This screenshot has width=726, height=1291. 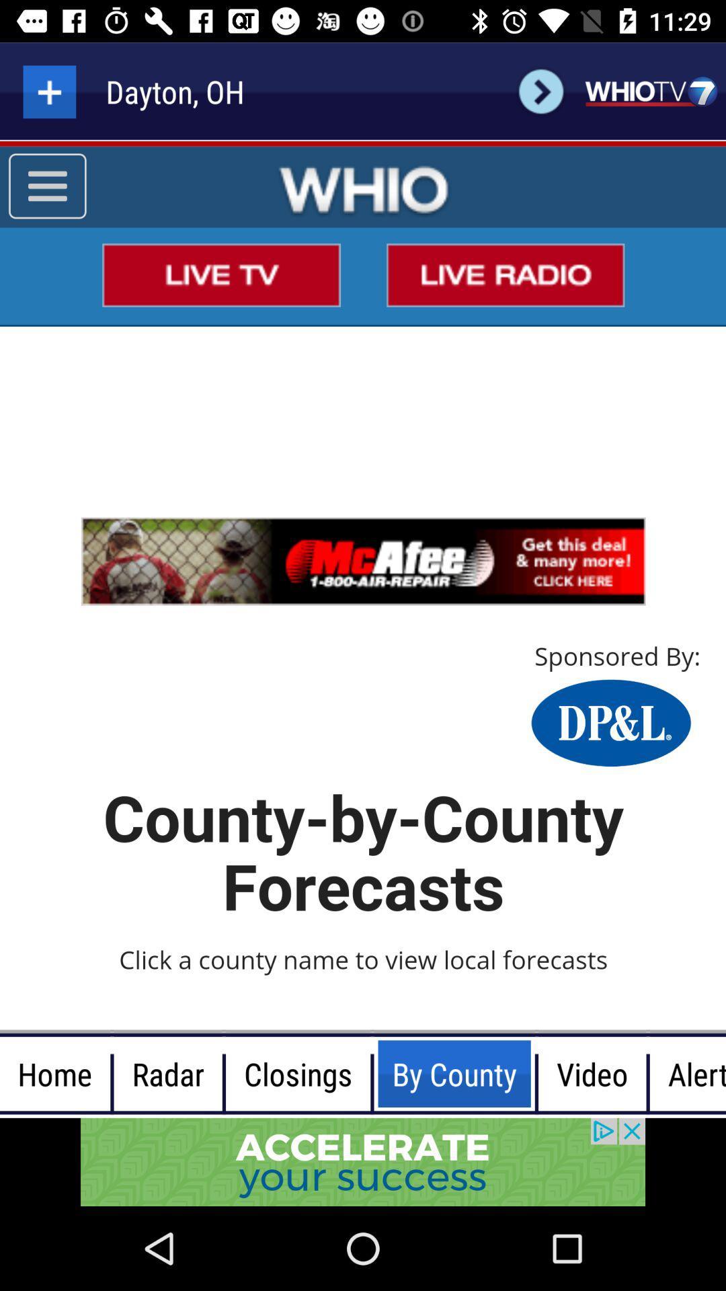 I want to click on radar at the bottom of the web page, so click(x=167, y=1073).